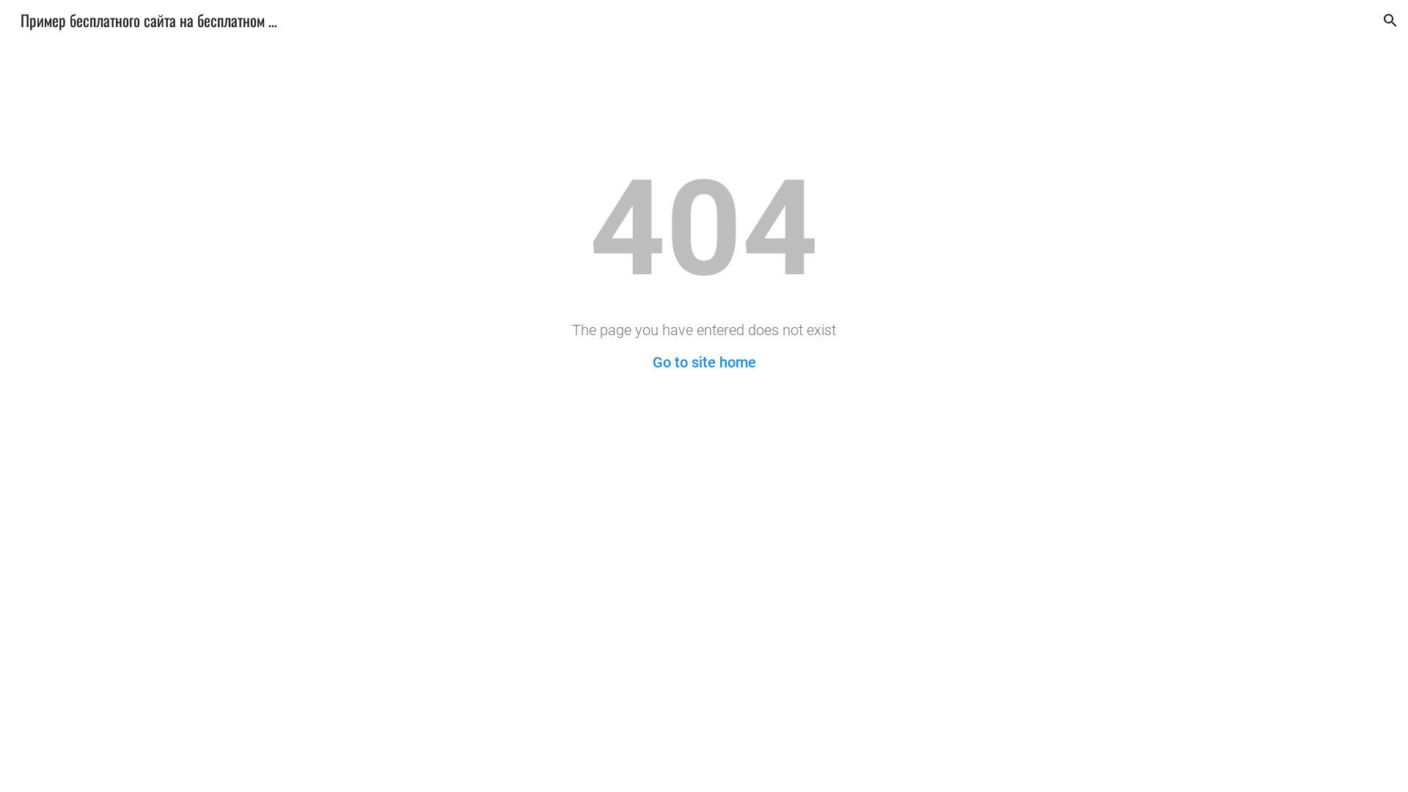 This screenshot has height=792, width=1408. What do you see at coordinates (704, 362) in the screenshot?
I see `'Go to site home'` at bounding box center [704, 362].